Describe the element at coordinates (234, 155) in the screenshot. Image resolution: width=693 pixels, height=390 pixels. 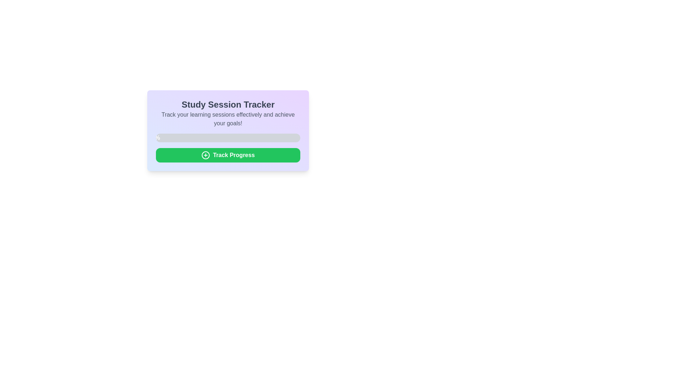
I see `the text label displaying 'Track Progress' in bold white font on a vibrant green background, which is centrally positioned within the green button labeled 'Track Progress'` at that location.